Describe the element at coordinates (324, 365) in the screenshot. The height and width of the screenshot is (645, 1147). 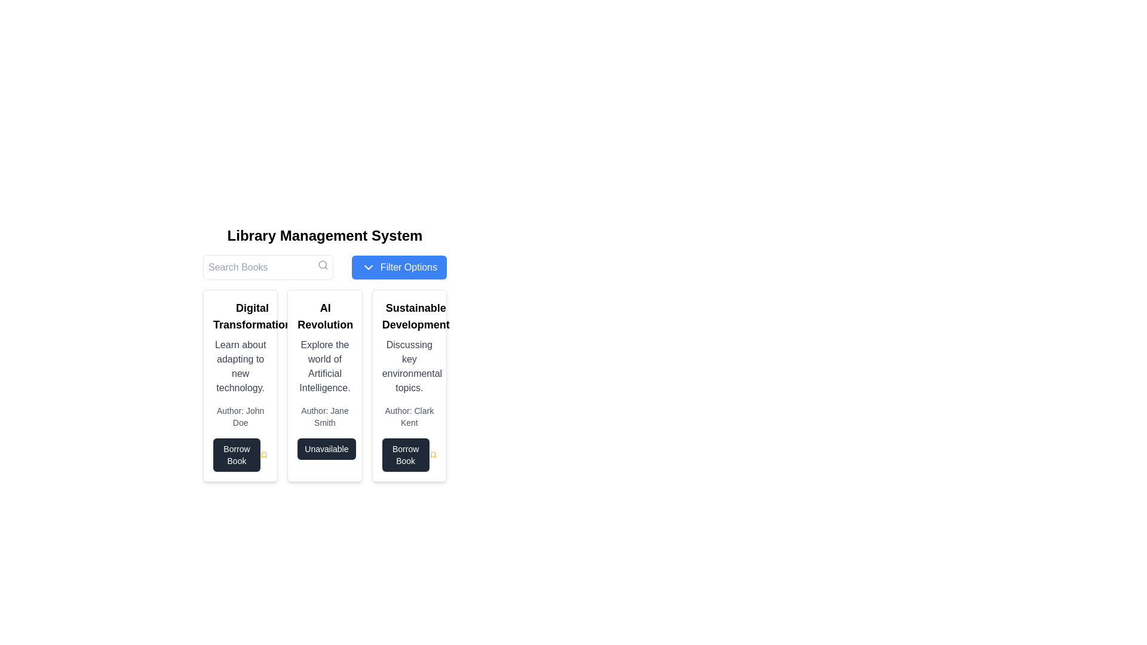
I see `text content located in the center of the second card, directly below the title 'AI Revolution' and above 'Author: Jane Smith'` at that location.